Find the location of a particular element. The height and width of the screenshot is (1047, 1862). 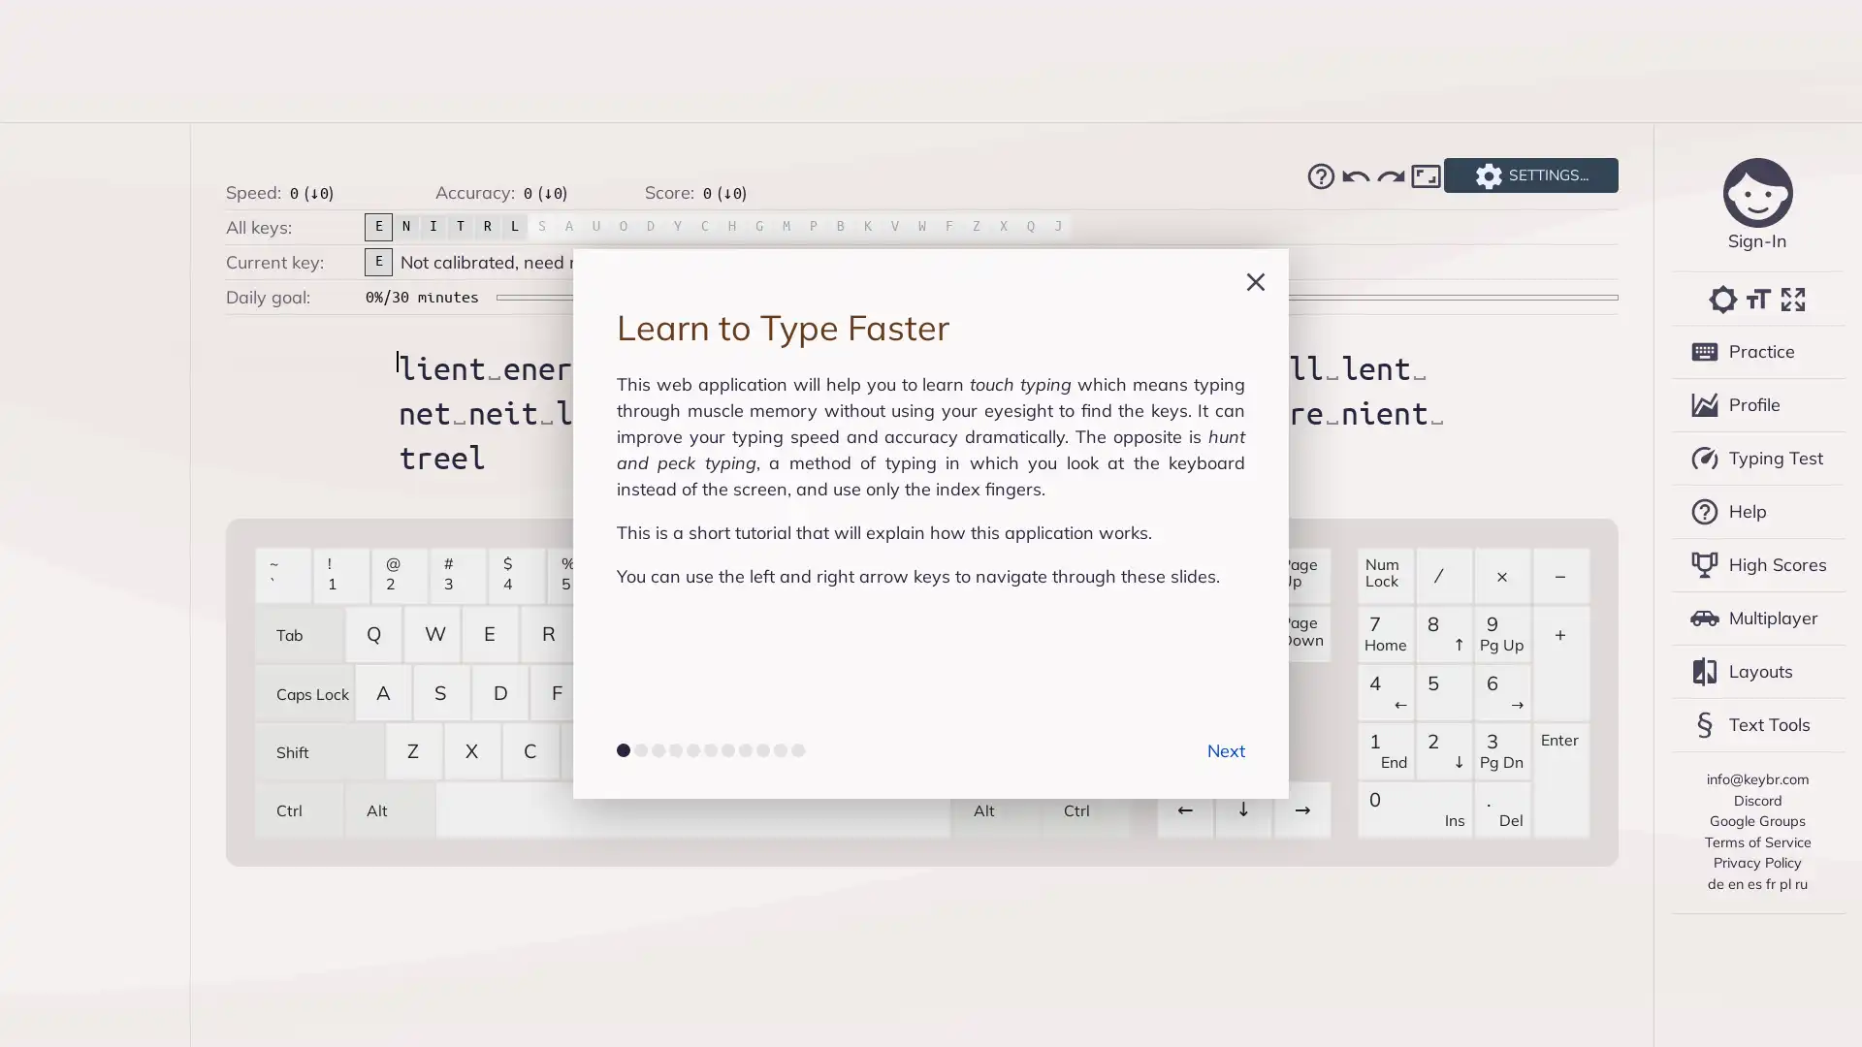

Switch to theme Large Text Size. is located at coordinates (1756, 299).